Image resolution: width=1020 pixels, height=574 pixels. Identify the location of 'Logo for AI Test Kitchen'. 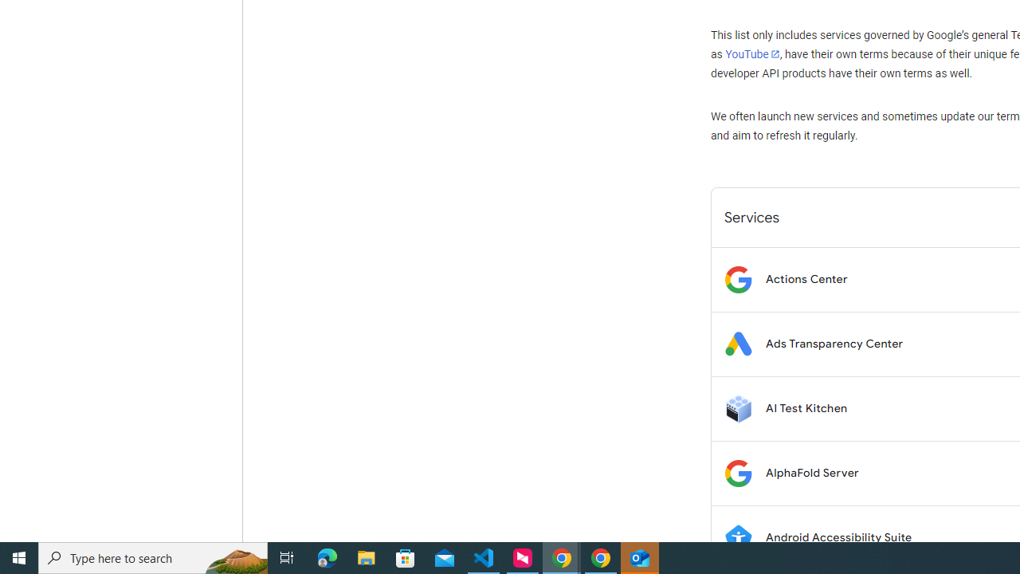
(737, 407).